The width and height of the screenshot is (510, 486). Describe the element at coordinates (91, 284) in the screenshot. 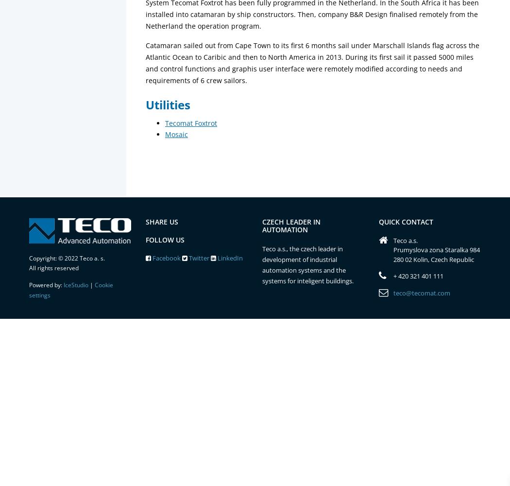

I see `'|'` at that location.